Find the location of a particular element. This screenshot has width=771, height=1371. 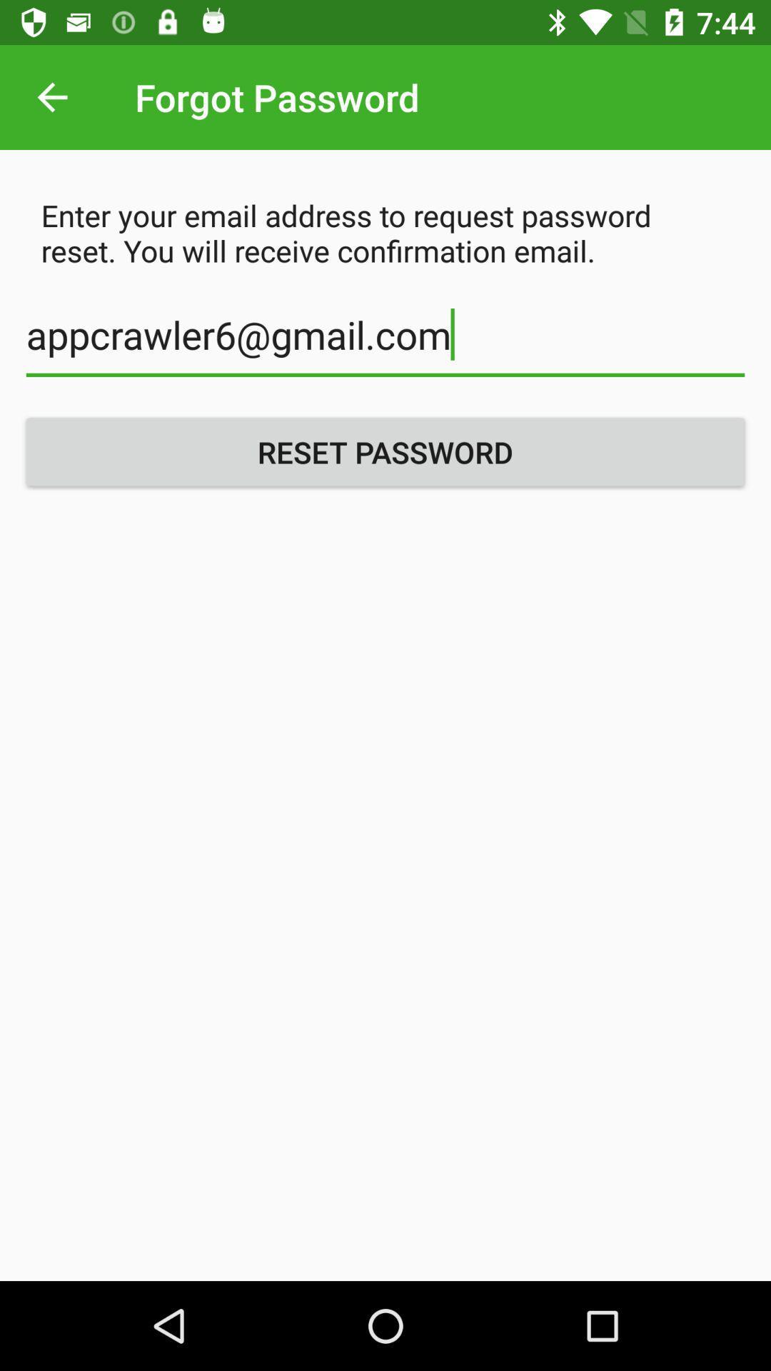

go back is located at coordinates (51, 96).